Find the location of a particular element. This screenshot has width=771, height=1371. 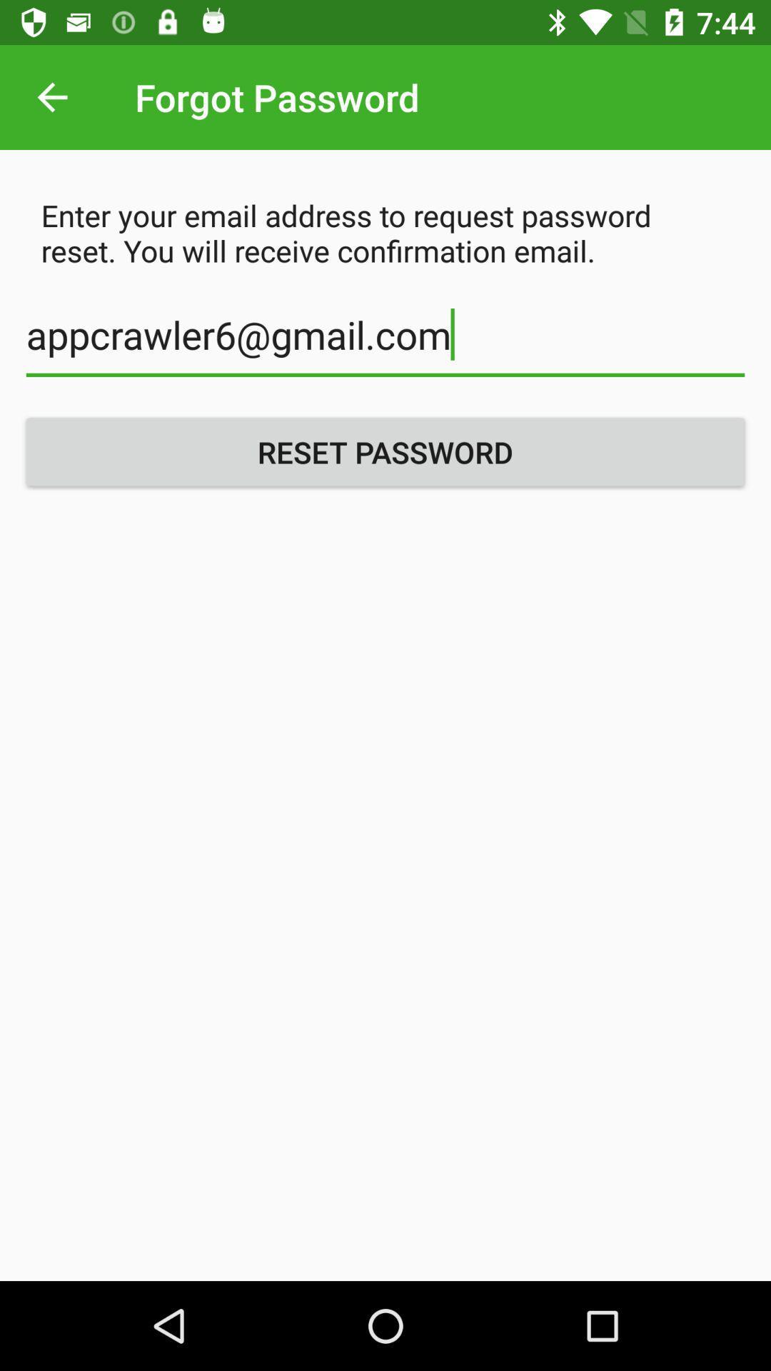

go back is located at coordinates (51, 96).